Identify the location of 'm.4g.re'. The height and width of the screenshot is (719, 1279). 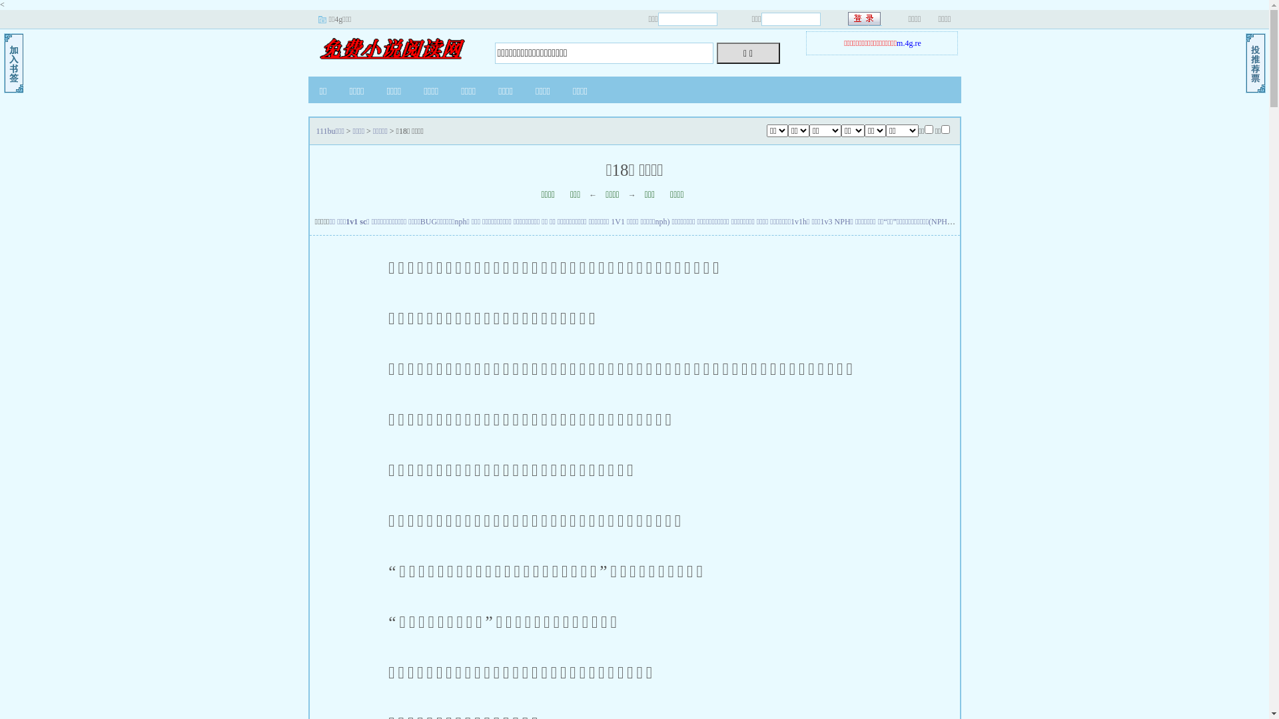
(908, 43).